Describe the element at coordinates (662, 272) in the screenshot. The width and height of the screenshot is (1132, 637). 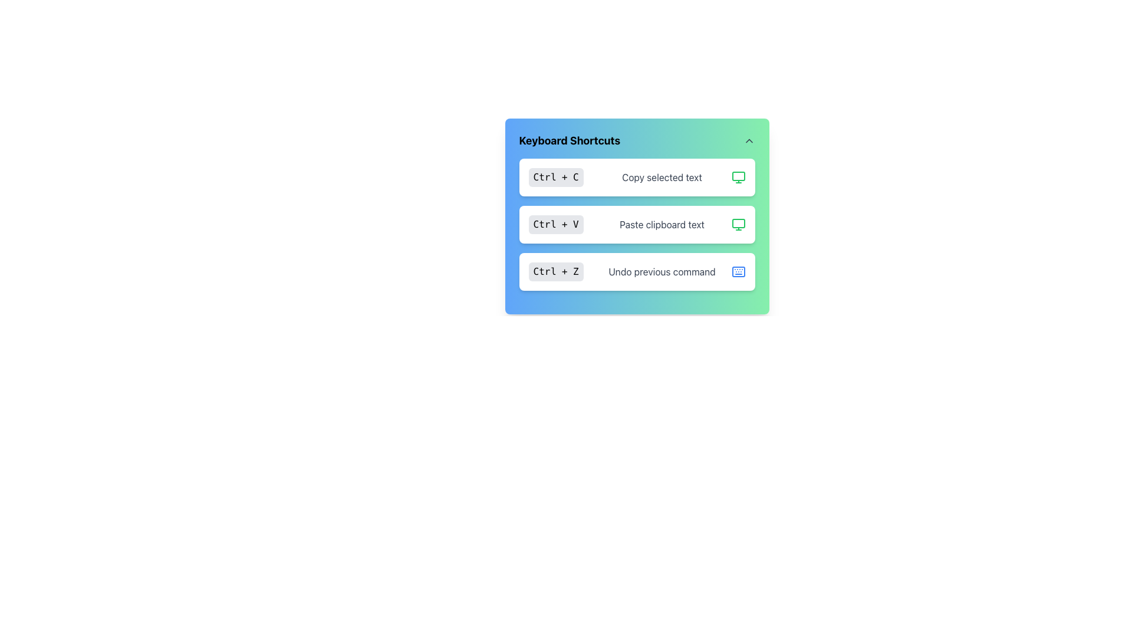
I see `the text label element displaying 'Undo previous command' which is located to the right of the 'Ctrl + Z' shortcut box and to the left of a keyboard icon` at that location.